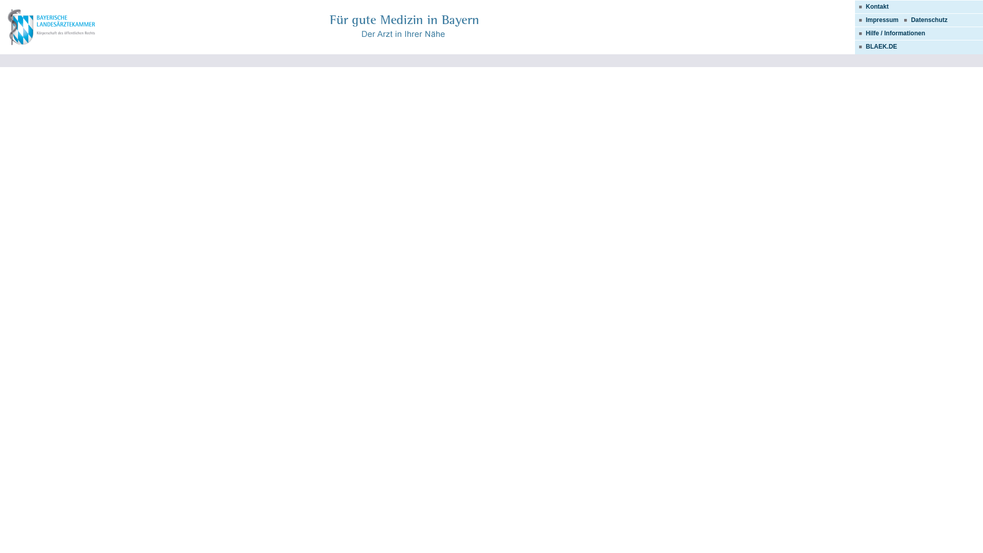 The height and width of the screenshot is (553, 983). I want to click on 'Datenschutz', so click(929, 19).